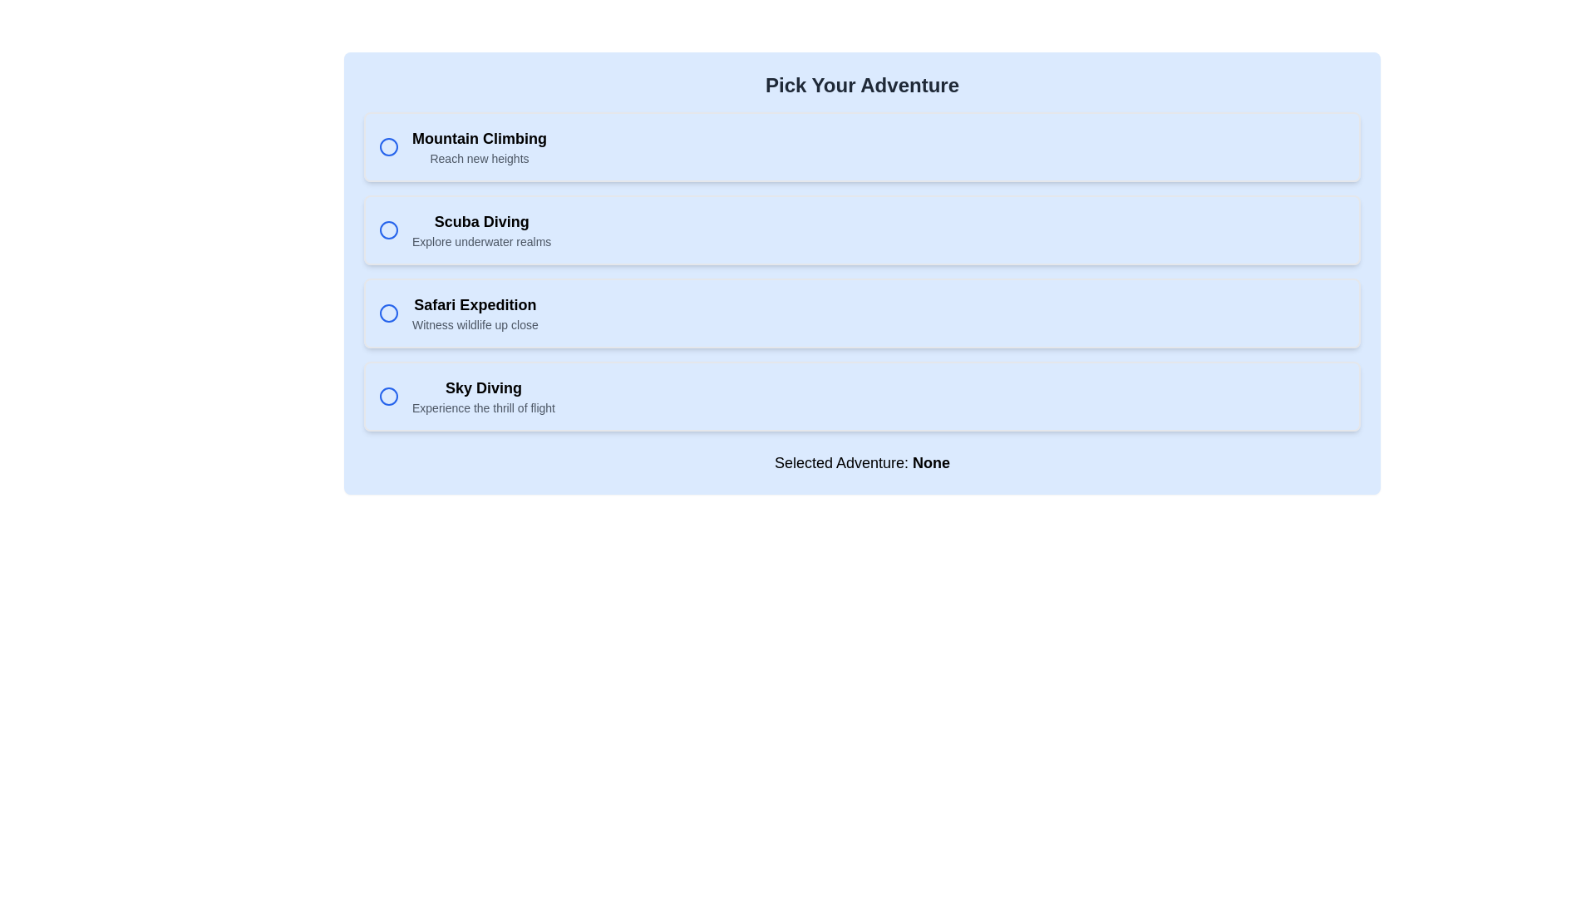  I want to click on the descriptive text label for the 'Scuba Diving' option, which is located below the main text of the same option, so click(480, 241).